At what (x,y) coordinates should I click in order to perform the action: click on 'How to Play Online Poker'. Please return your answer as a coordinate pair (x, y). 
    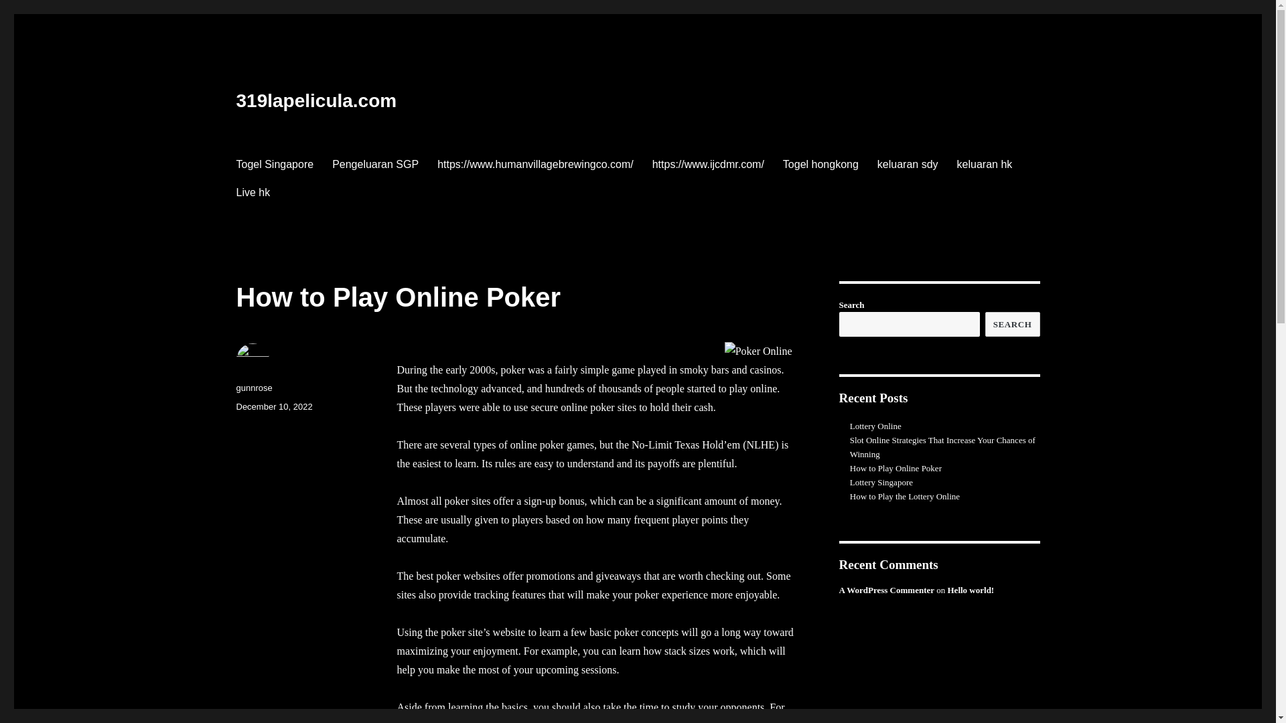
    Looking at the image, I should click on (849, 467).